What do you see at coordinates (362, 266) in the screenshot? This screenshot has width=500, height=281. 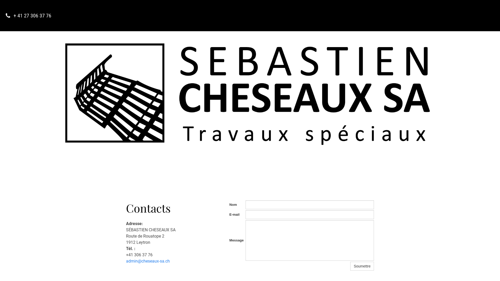 I see `'Soumettre'` at bounding box center [362, 266].